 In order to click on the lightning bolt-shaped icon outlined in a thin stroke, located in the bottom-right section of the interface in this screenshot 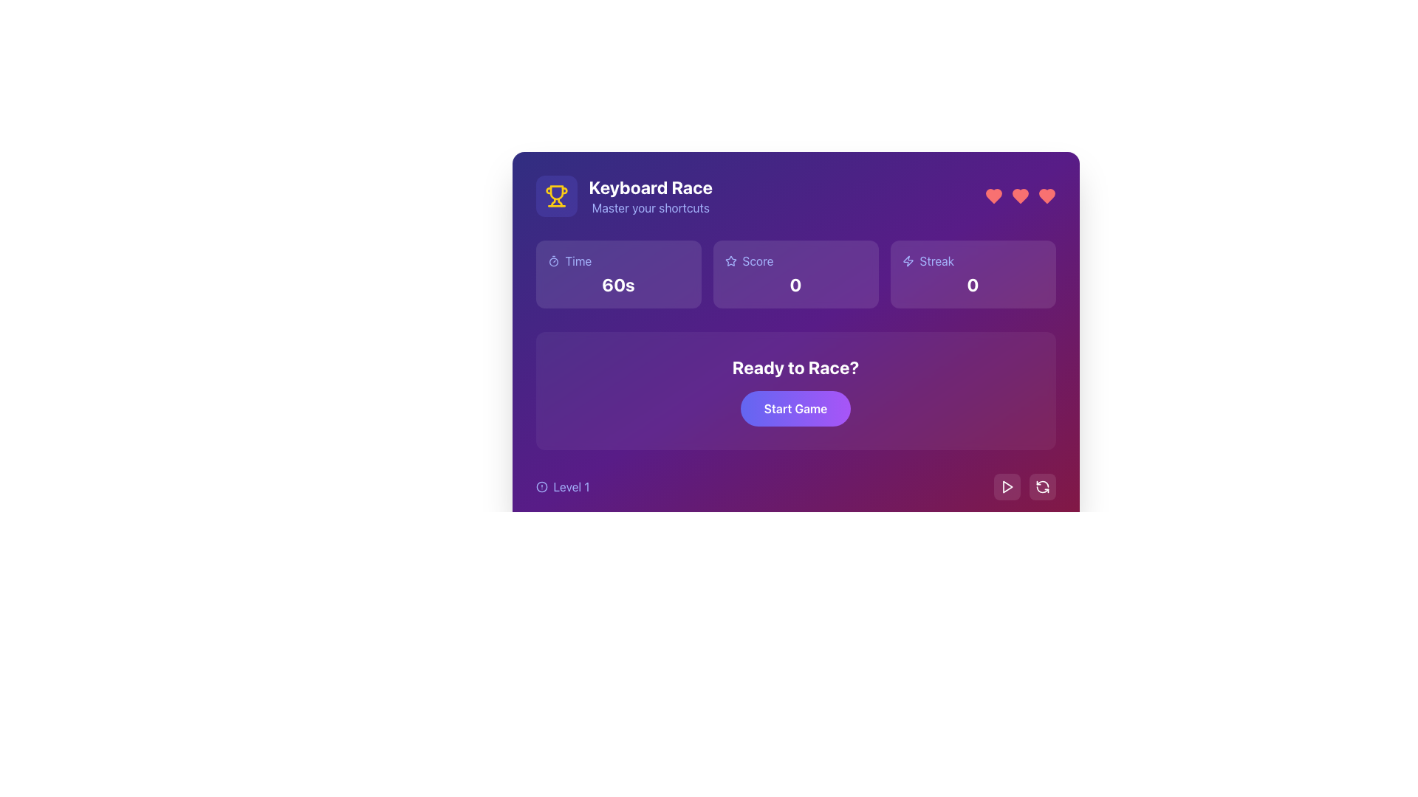, I will do `click(907, 261)`.